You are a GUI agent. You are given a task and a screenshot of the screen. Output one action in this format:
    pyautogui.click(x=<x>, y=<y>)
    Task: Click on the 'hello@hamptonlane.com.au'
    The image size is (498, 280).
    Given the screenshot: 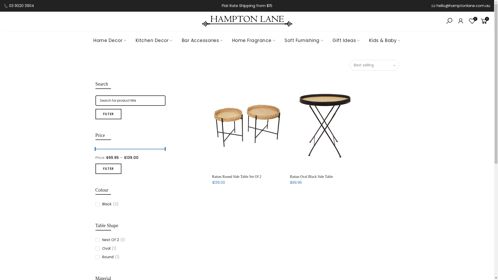 What is the action you would take?
    pyautogui.click(x=463, y=6)
    